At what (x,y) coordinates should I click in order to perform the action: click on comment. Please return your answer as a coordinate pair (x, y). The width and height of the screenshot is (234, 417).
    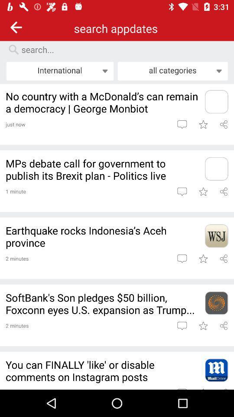
    Looking at the image, I should click on (182, 124).